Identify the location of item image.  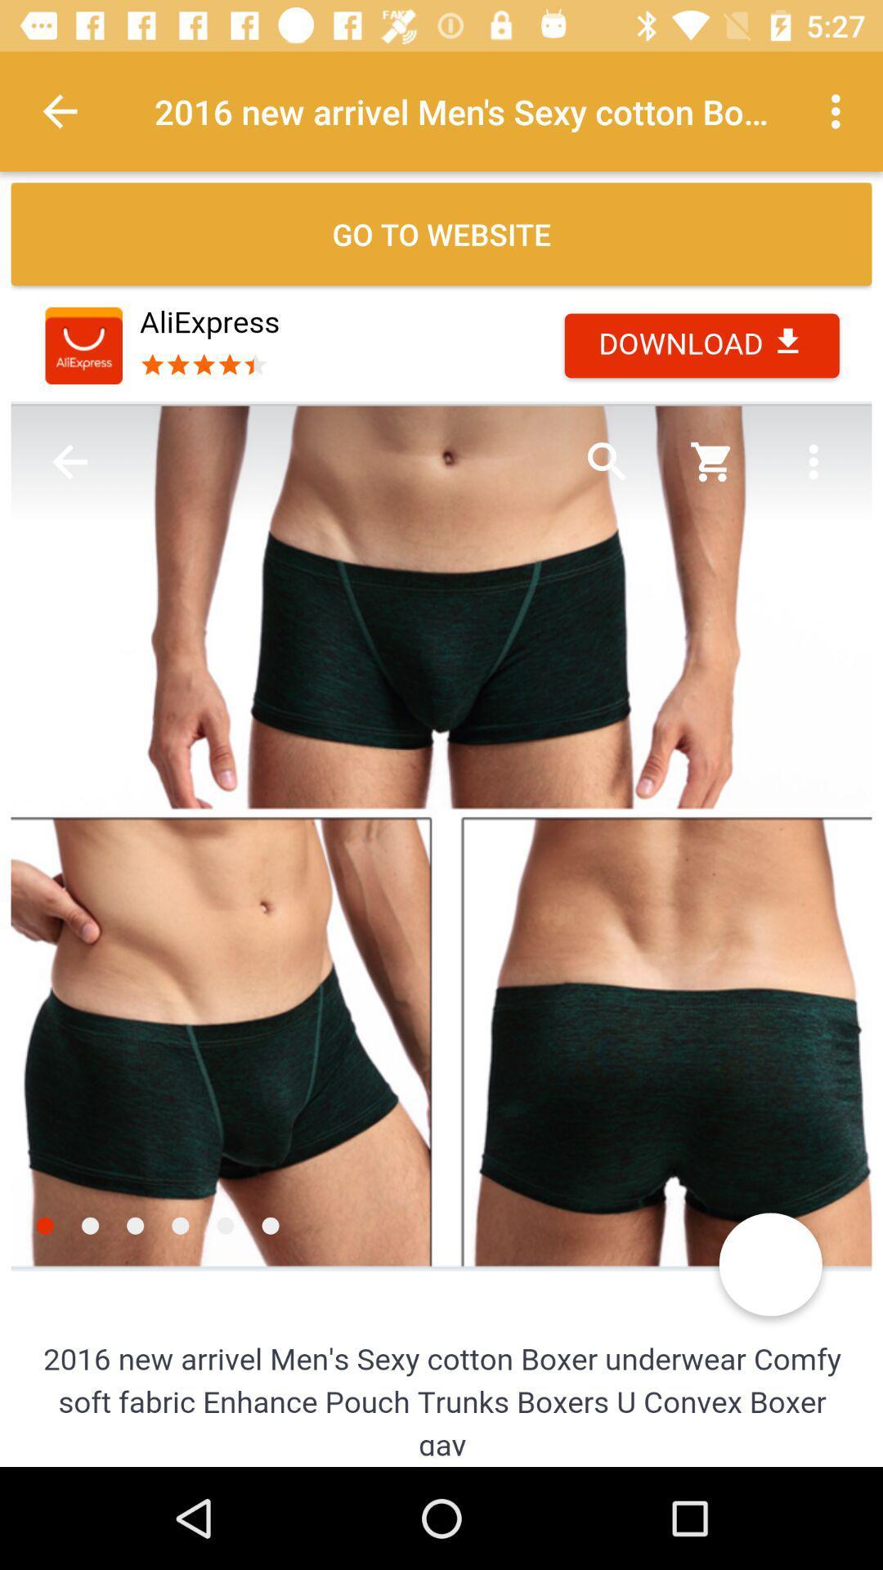
(441, 872).